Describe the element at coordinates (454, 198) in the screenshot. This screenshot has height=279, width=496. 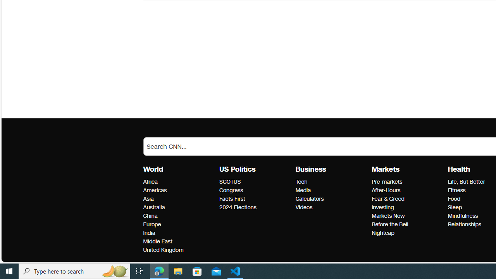
I see `'Health Food'` at that location.